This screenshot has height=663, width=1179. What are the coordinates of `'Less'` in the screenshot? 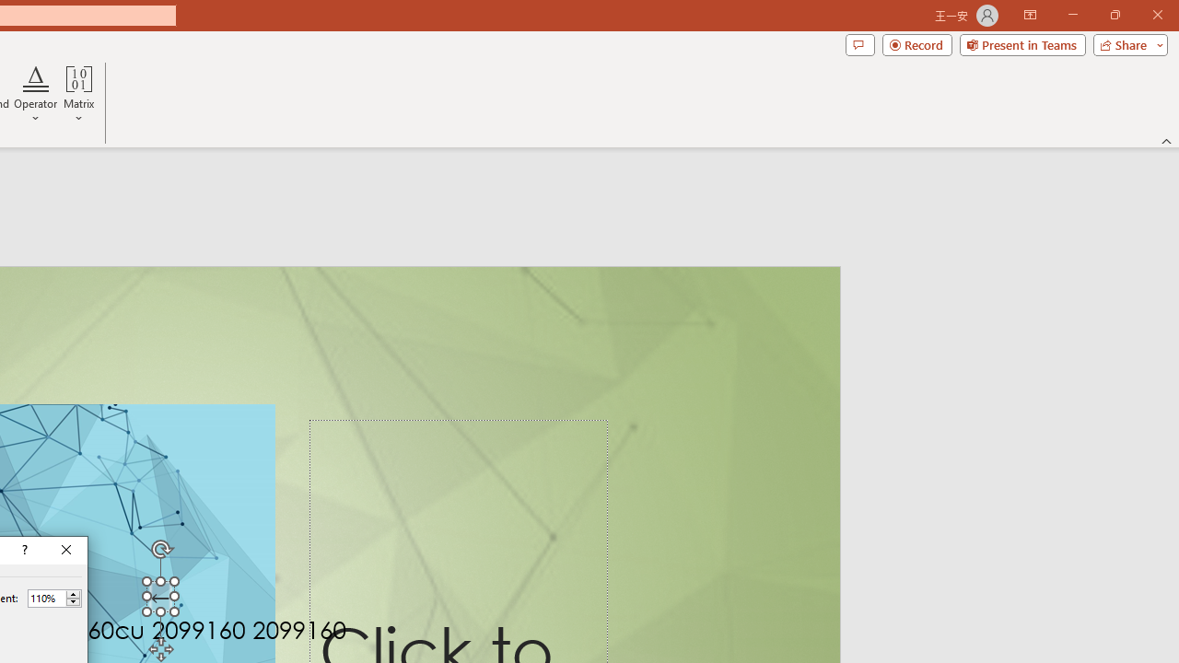 It's located at (73, 602).